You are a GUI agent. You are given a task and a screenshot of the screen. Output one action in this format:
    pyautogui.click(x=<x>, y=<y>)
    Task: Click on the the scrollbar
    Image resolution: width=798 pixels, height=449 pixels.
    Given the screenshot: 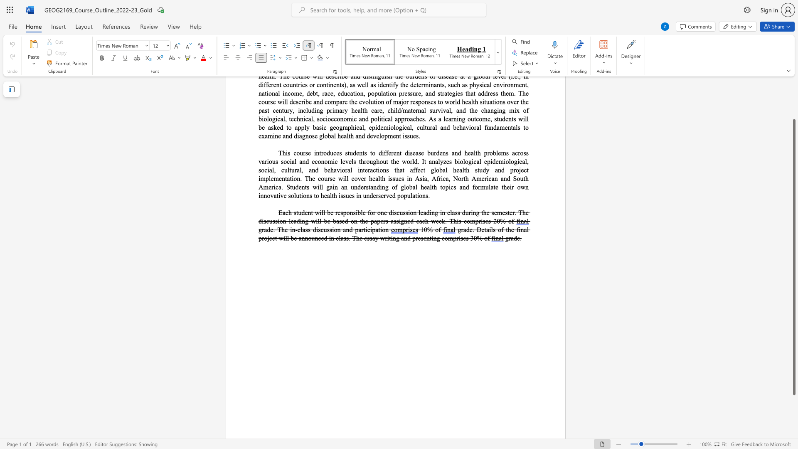 What is the action you would take?
    pyautogui.click(x=793, y=99)
    